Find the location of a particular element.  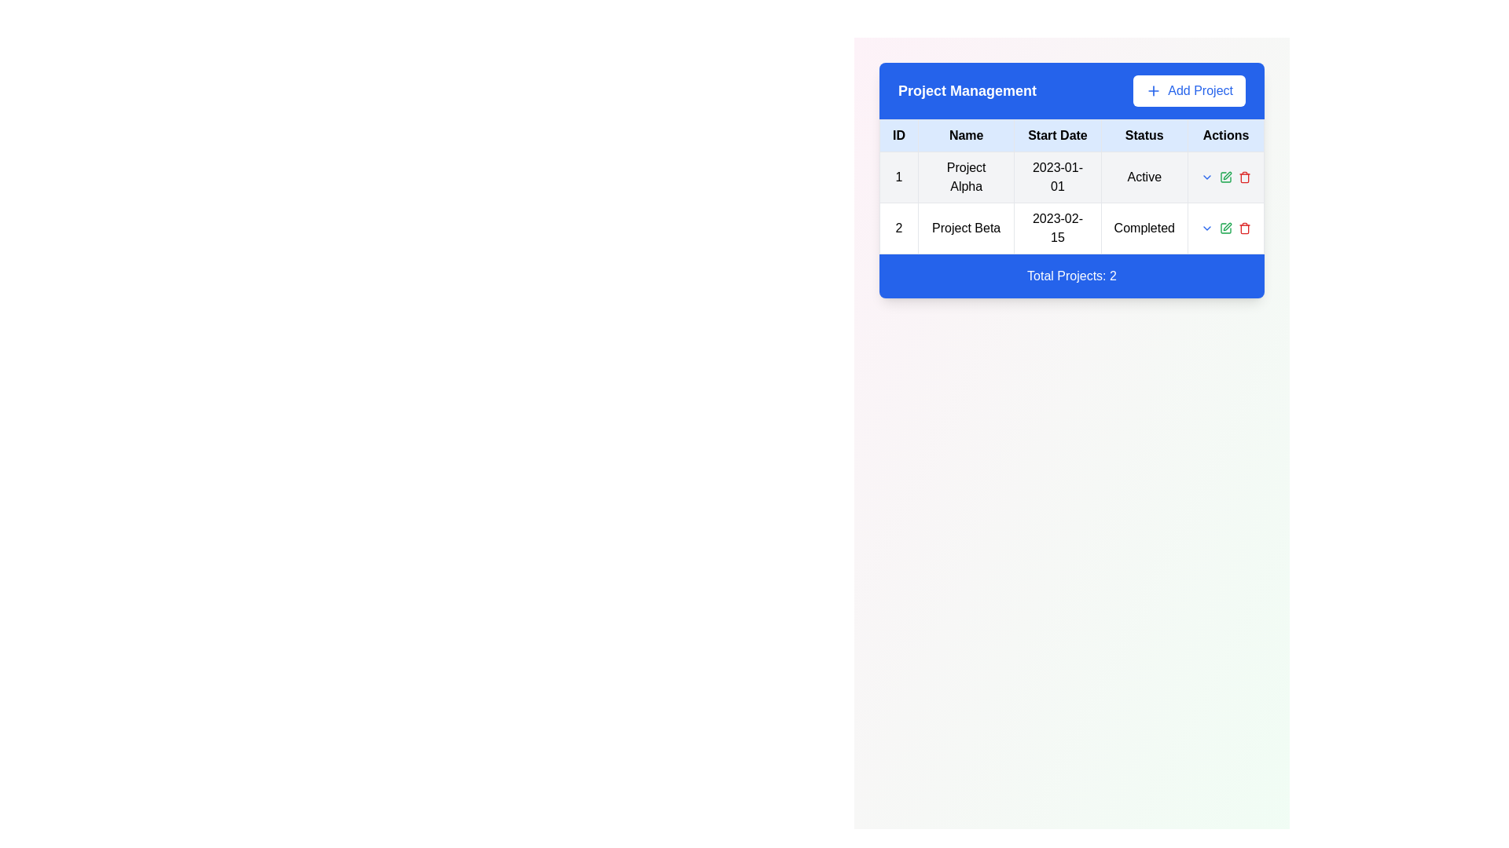

the icon button located in the 'Actions' column of the second row in the 'Project Beta' table for keyboard interactions is located at coordinates (1225, 177).